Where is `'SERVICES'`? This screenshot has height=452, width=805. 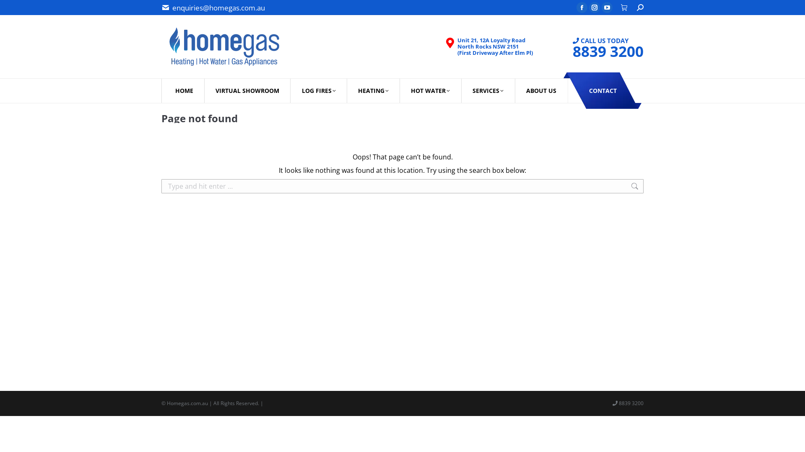 'SERVICES' is located at coordinates (488, 90).